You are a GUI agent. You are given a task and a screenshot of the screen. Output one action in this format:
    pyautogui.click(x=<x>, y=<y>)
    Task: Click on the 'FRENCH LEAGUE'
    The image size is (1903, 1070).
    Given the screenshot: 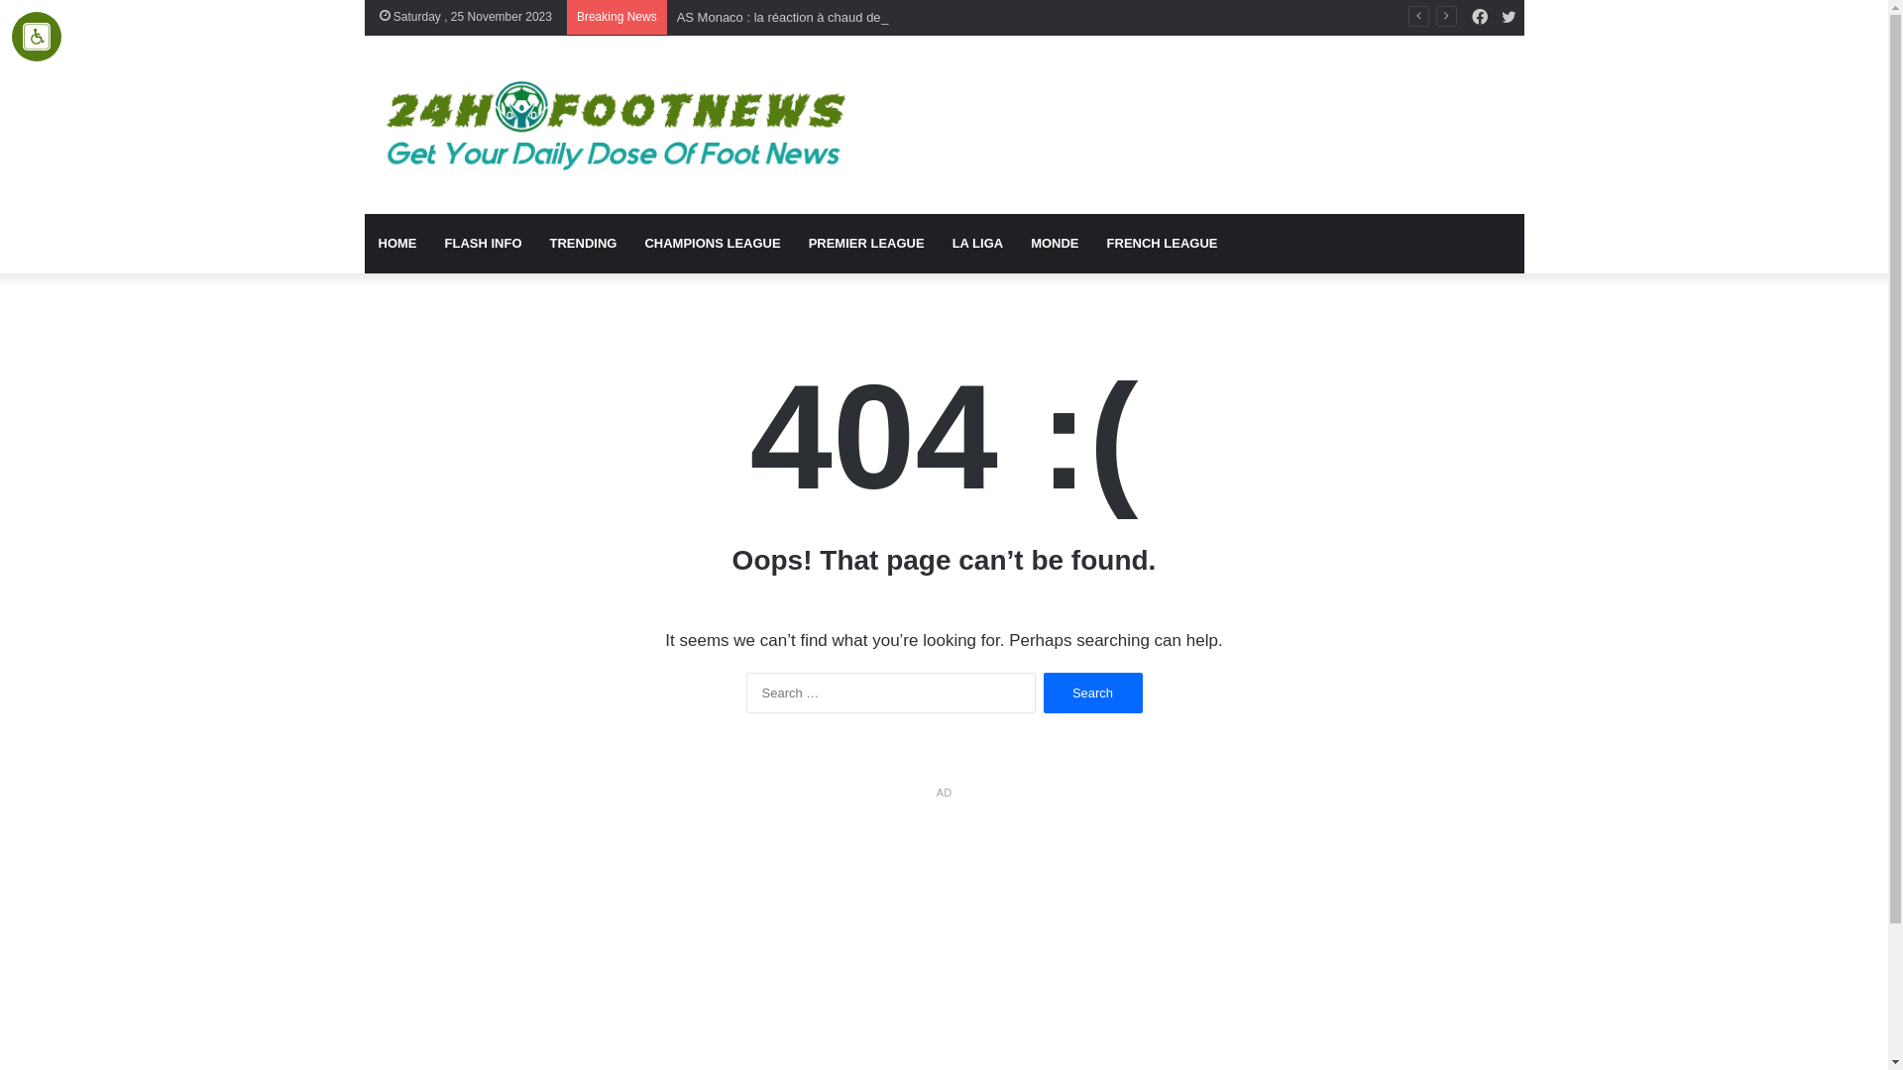 What is the action you would take?
    pyautogui.click(x=1162, y=243)
    